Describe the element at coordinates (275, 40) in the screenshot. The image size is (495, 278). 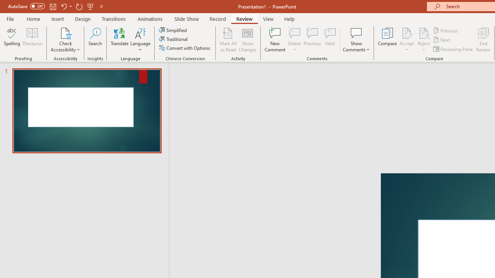
I see `'New Comment'` at that location.